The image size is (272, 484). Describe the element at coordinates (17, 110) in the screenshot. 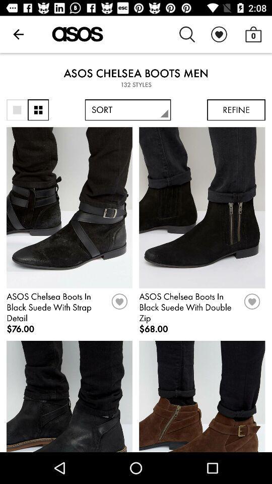

I see `item below the 132 styles` at that location.